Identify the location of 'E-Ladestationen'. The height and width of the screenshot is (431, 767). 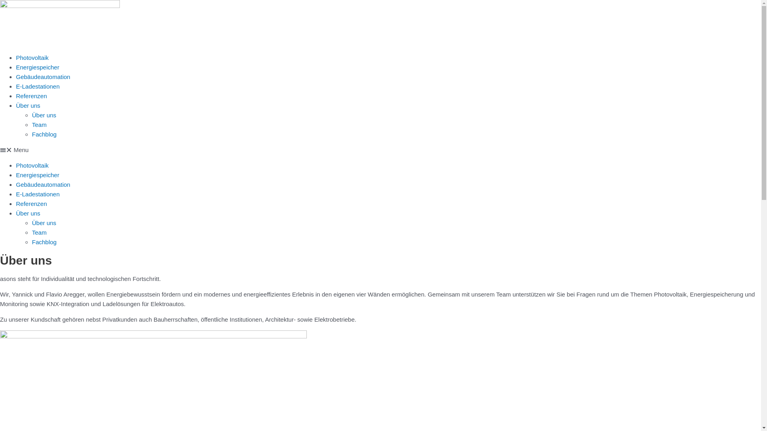
(16, 86).